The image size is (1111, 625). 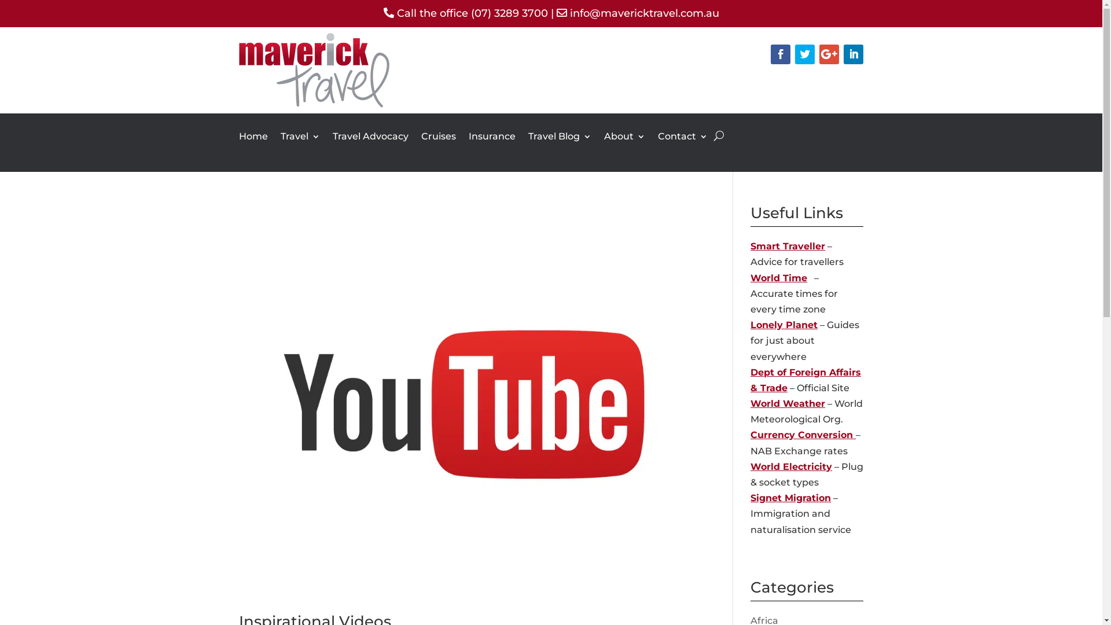 What do you see at coordinates (369, 144) in the screenshot?
I see `'Travel Advocacy'` at bounding box center [369, 144].